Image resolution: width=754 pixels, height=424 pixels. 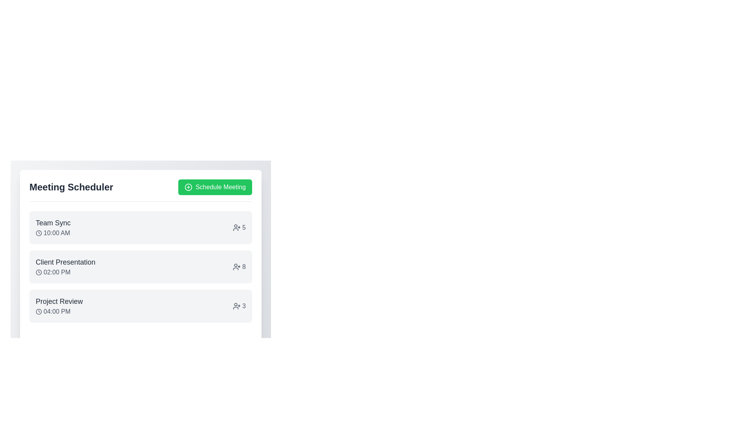 What do you see at coordinates (239, 305) in the screenshot?
I see `the text '3' associated with the user addition icon located in the 'Project Review' section to perform related actions` at bounding box center [239, 305].